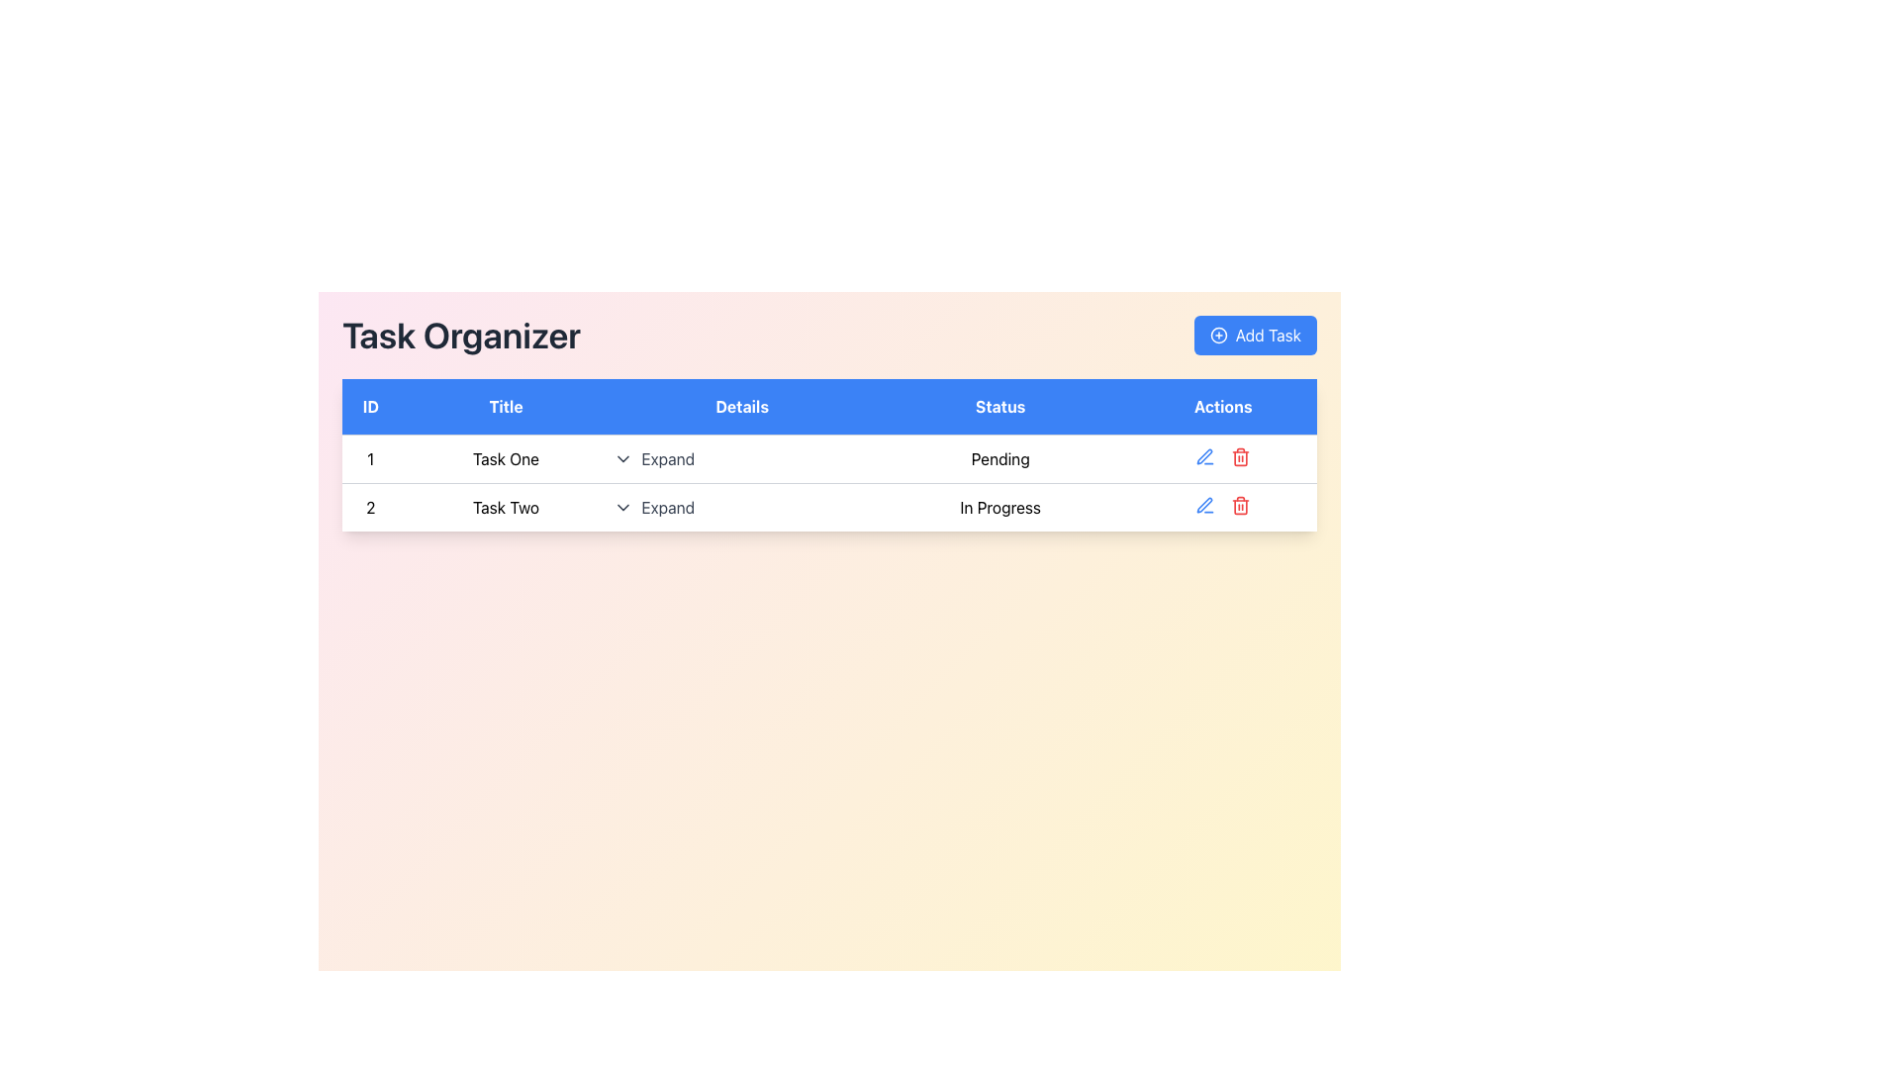 The image size is (1900, 1069). I want to click on text from the text label displaying 'Title' in white, located in the second column header of the table row, so click(506, 406).